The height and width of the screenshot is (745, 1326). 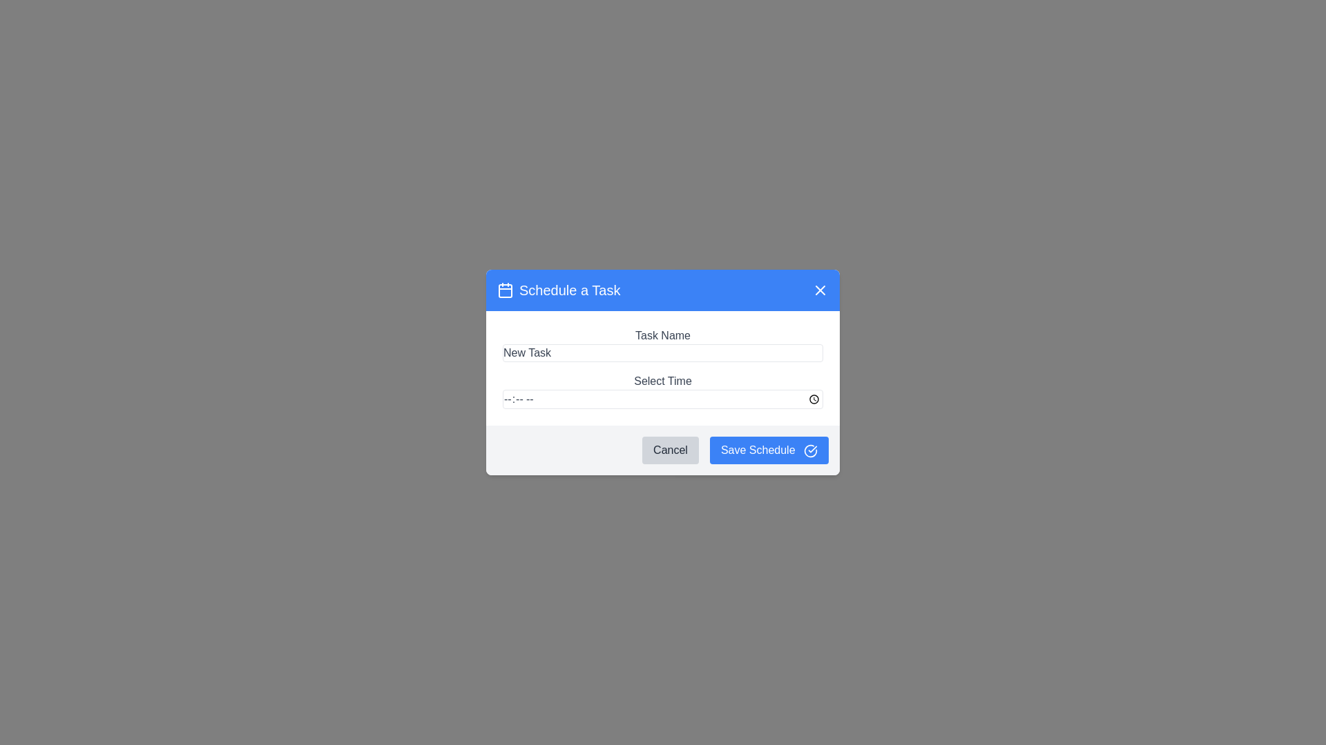 What do you see at coordinates (768, 450) in the screenshot?
I see `the 'Save Schedule' button to save the current schedule` at bounding box center [768, 450].